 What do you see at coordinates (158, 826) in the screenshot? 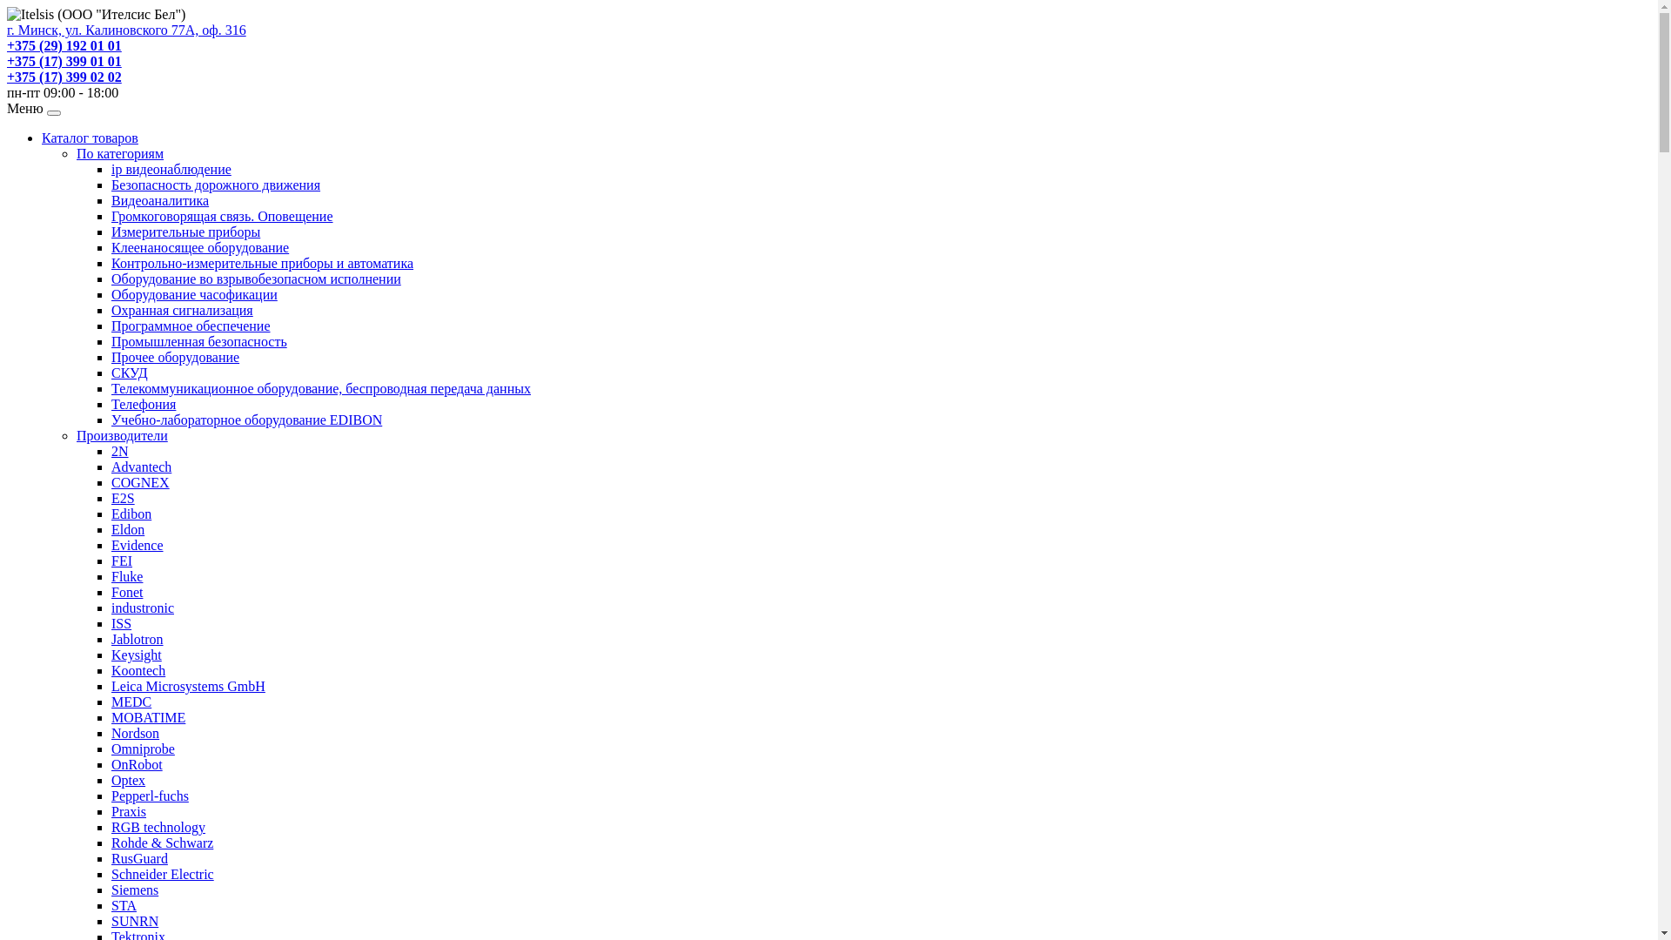
I see `'RGB technology'` at bounding box center [158, 826].